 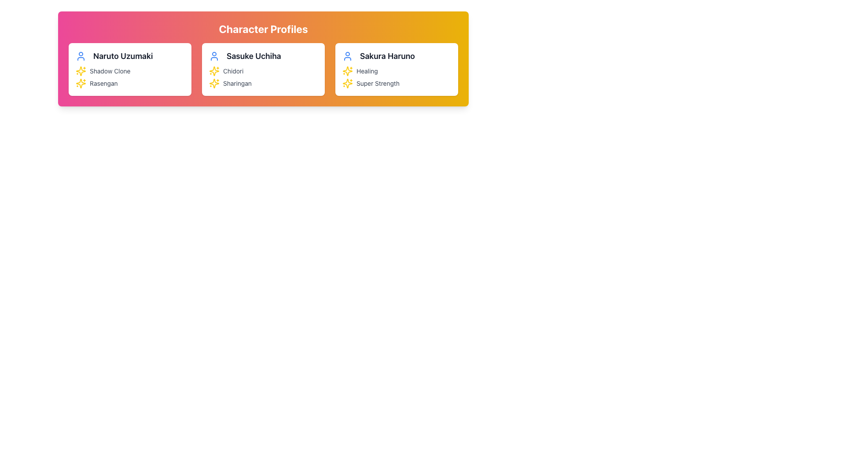 What do you see at coordinates (347, 83) in the screenshot?
I see `the visual design of the decorative icon representing 'Super Strength' located within the 'Sakura Haruno' card, beside the descriptive text` at bounding box center [347, 83].